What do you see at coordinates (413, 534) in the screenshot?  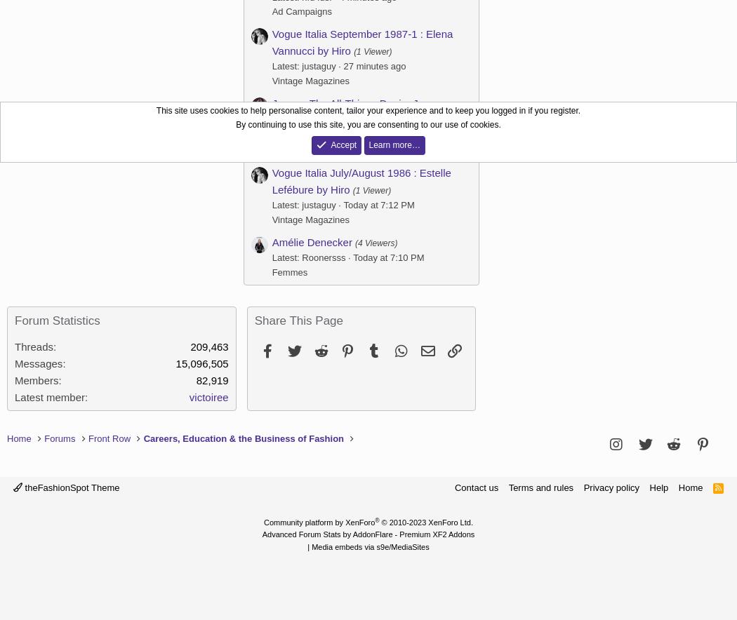 I see `'AddonFlare - Premium XF2 Addons'` at bounding box center [413, 534].